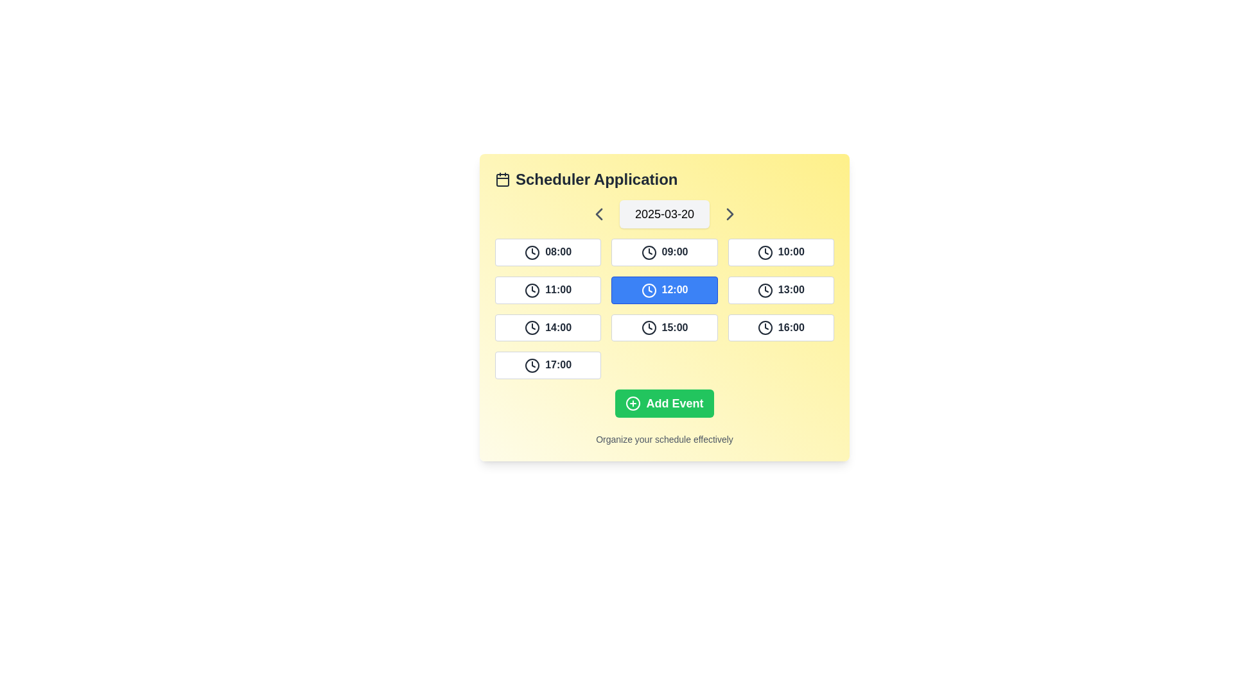 The width and height of the screenshot is (1233, 693). Describe the element at coordinates (780, 252) in the screenshot. I see `the rectangular button displaying a clock icon and the text '10:00'` at that location.